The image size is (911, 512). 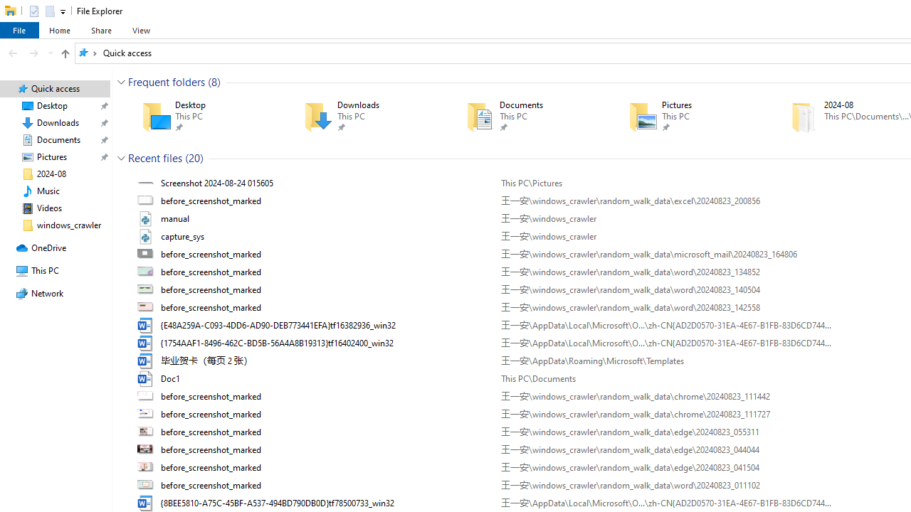 What do you see at coordinates (62, 11) in the screenshot?
I see `'Customize Quick Access Toolbar'` at bounding box center [62, 11].